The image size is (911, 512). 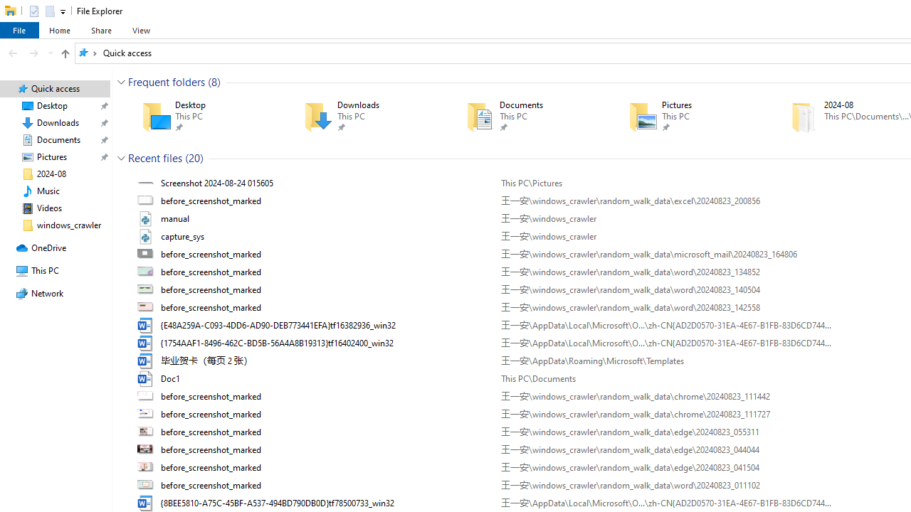 What do you see at coordinates (62, 11) in the screenshot?
I see `'Customize Quick Access Toolbar'` at bounding box center [62, 11].